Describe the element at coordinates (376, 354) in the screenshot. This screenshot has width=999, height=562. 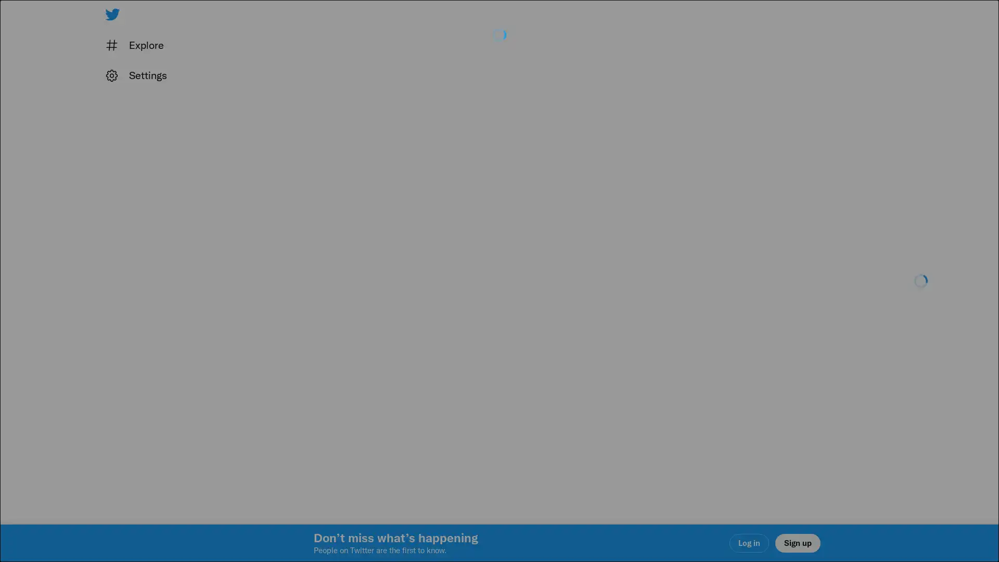
I see `Sign up` at that location.